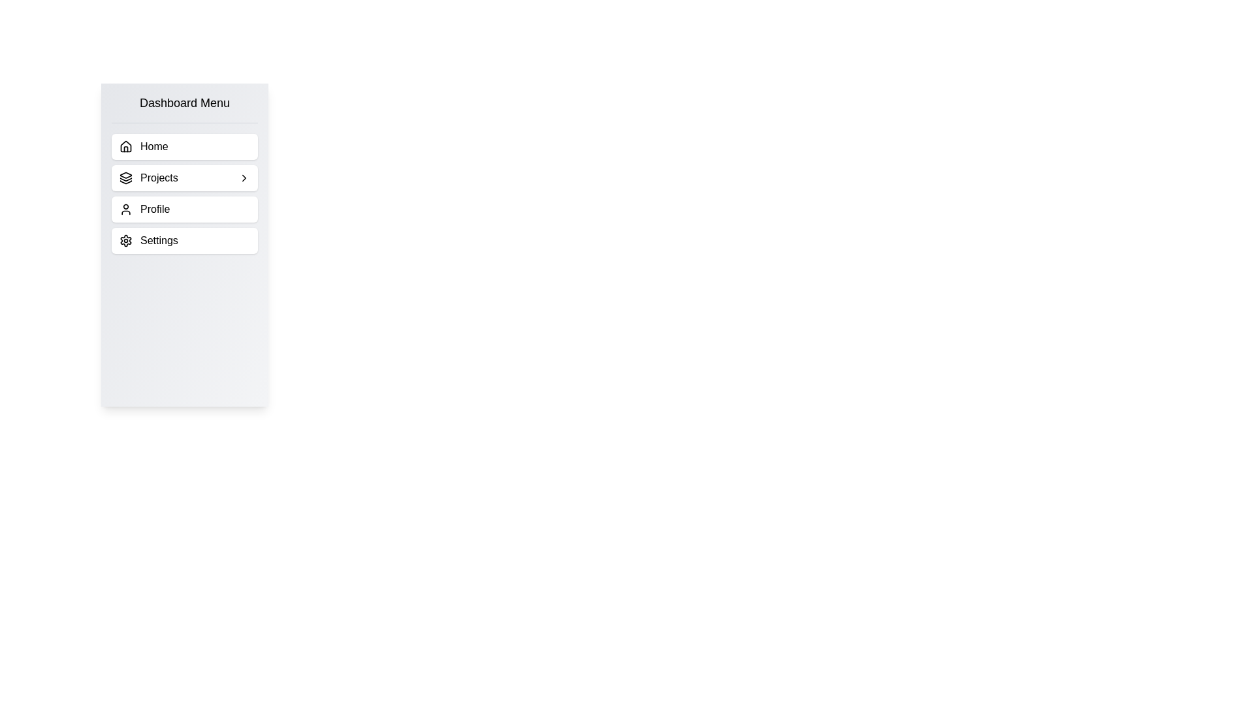 This screenshot has height=705, width=1254. I want to click on the A button in the Dashboard Menu, so click(184, 194).